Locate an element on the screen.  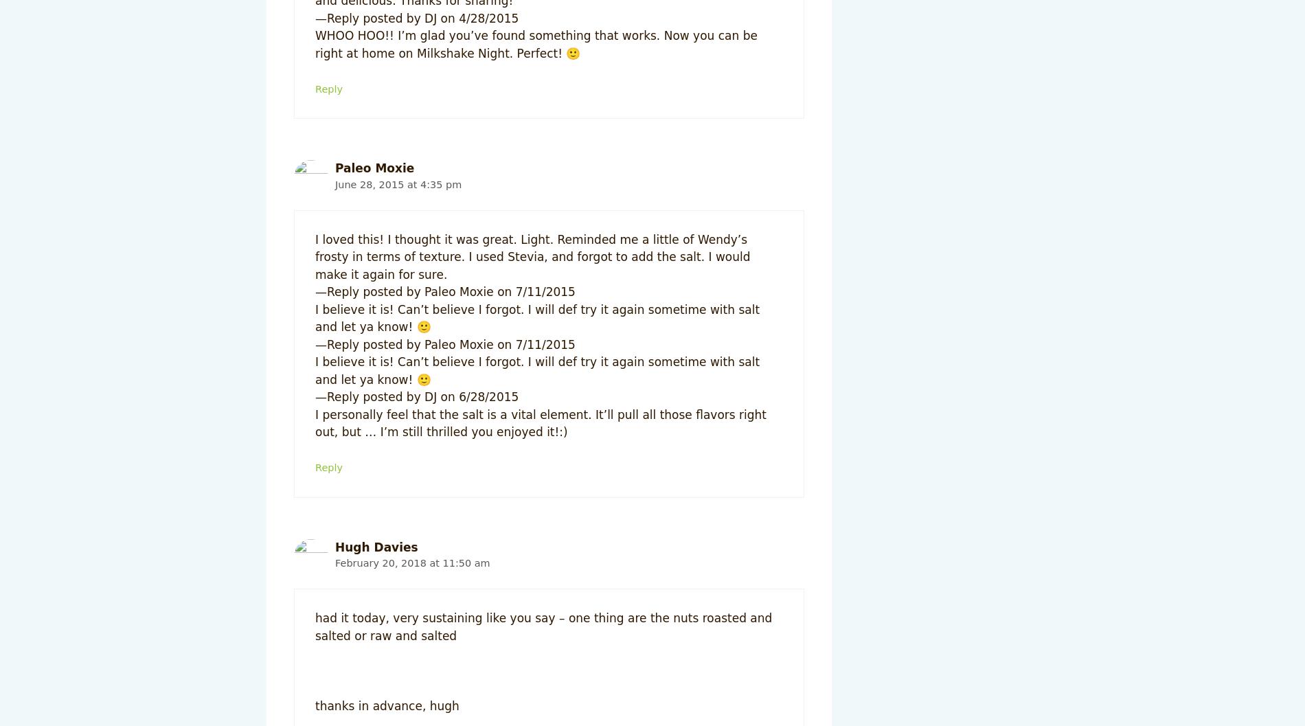
'Hugh Davies' is located at coordinates (334, 547).